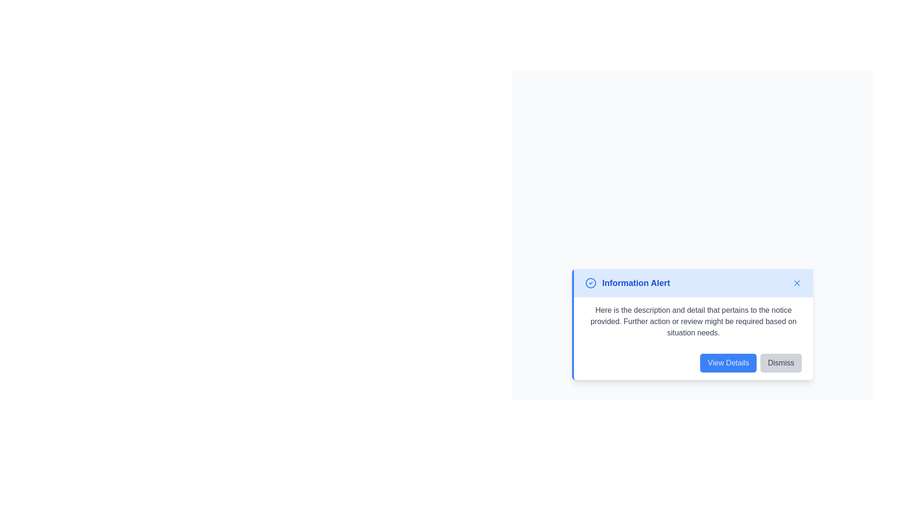 The width and height of the screenshot is (904, 508). Describe the element at coordinates (590, 282) in the screenshot. I see `the confirmation alert icon located to the left of the 'Information Alert' text in the alert box` at that location.